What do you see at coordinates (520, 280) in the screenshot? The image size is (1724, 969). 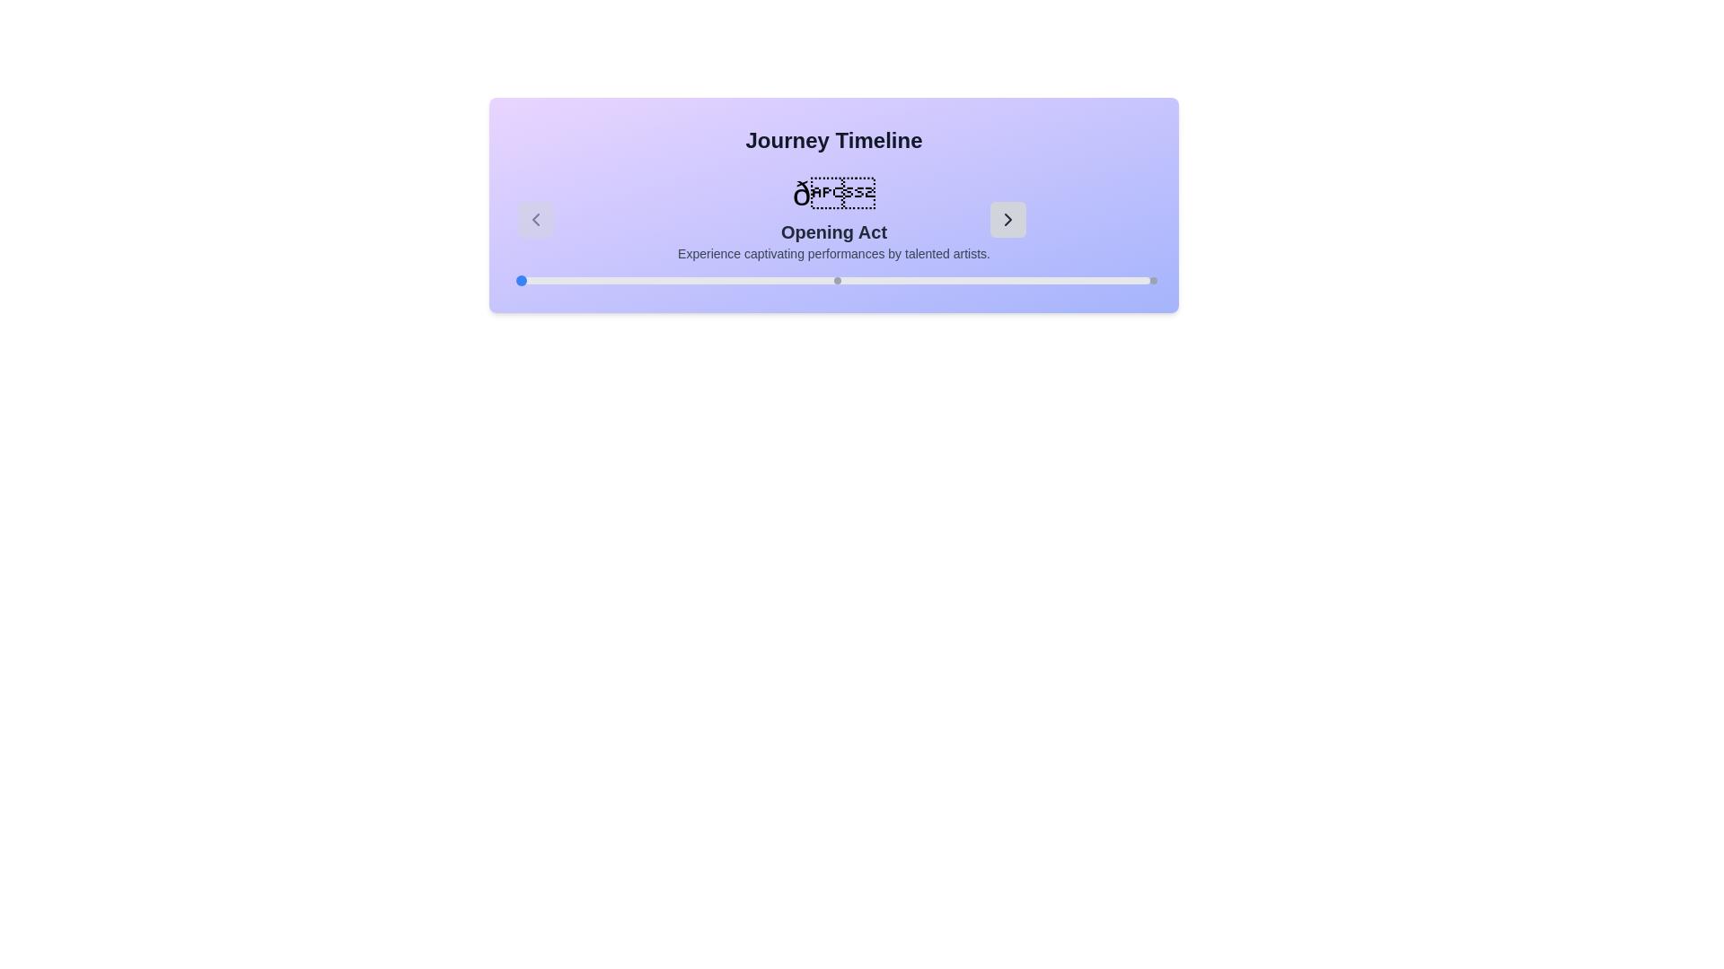 I see `the blue circular progress marker located at the leftmost point of the horizontal progress bar` at bounding box center [520, 280].